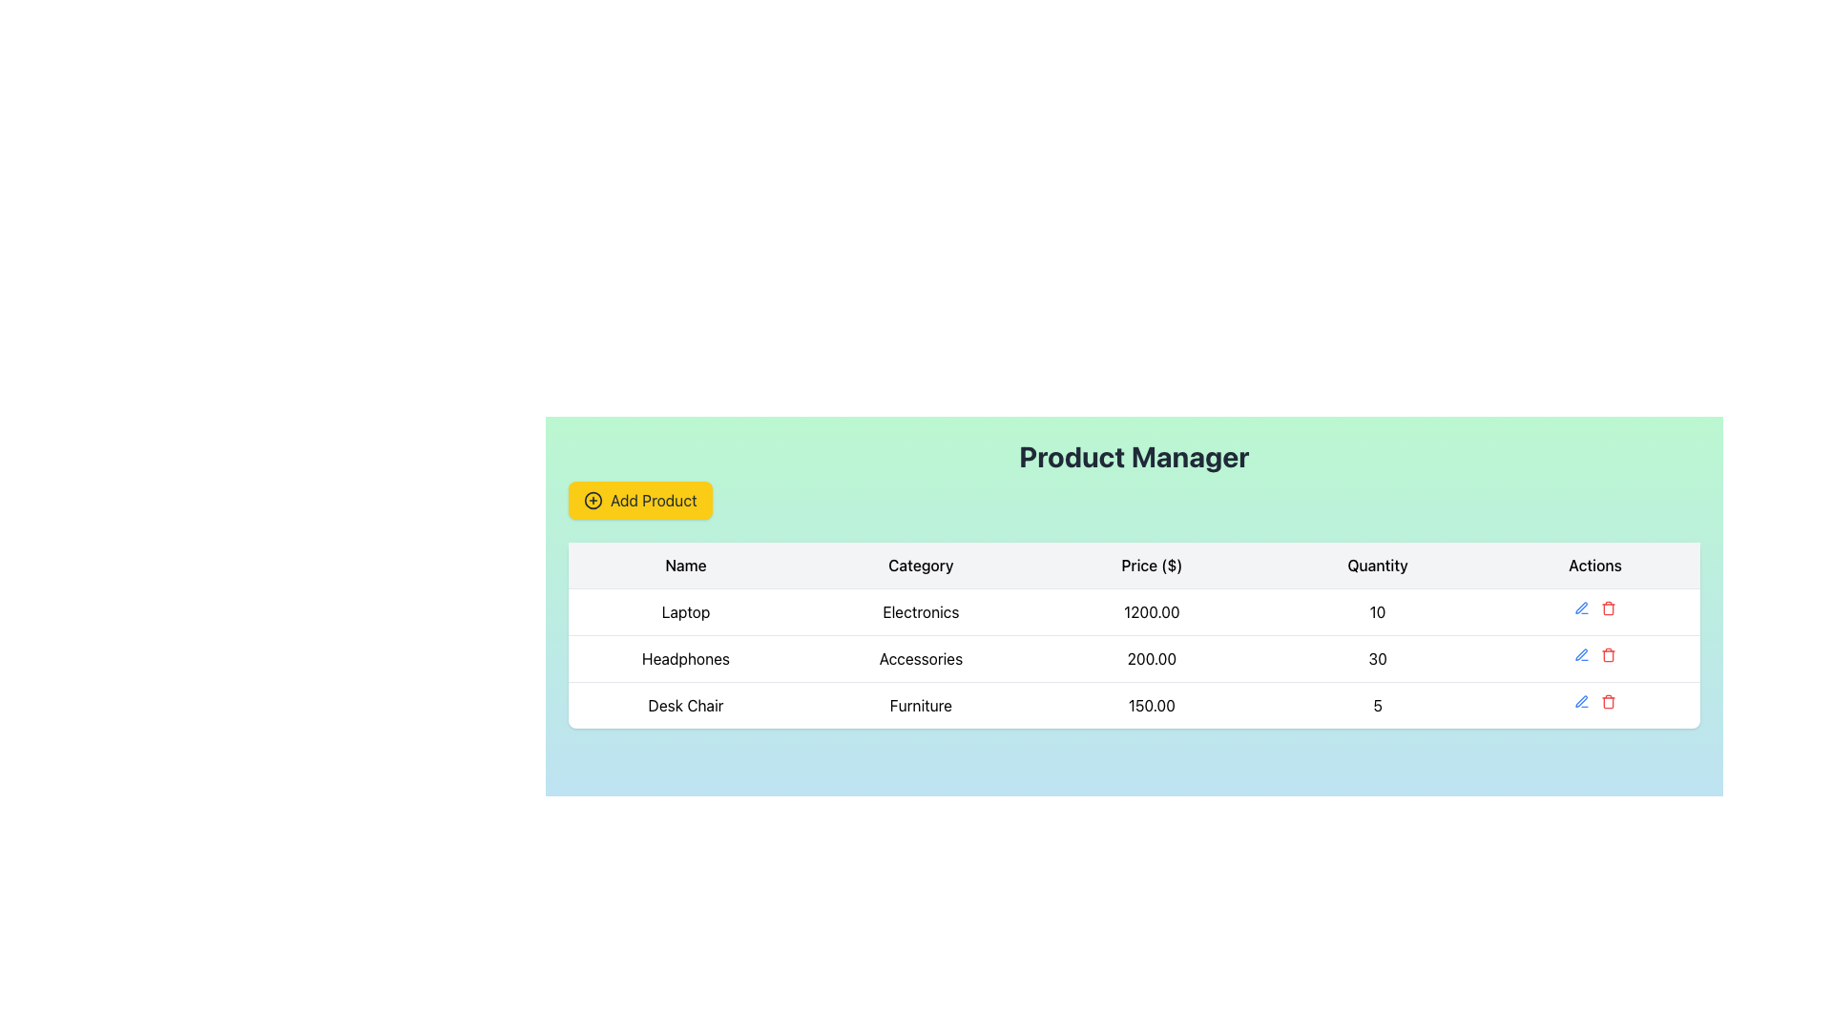 Image resolution: width=1832 pixels, height=1030 pixels. Describe the element at coordinates (1581, 653) in the screenshot. I see `the edit icon button representing the edit functionality in the Actions column of the second row in the Product Manager table for the product 'Headphones'` at that location.